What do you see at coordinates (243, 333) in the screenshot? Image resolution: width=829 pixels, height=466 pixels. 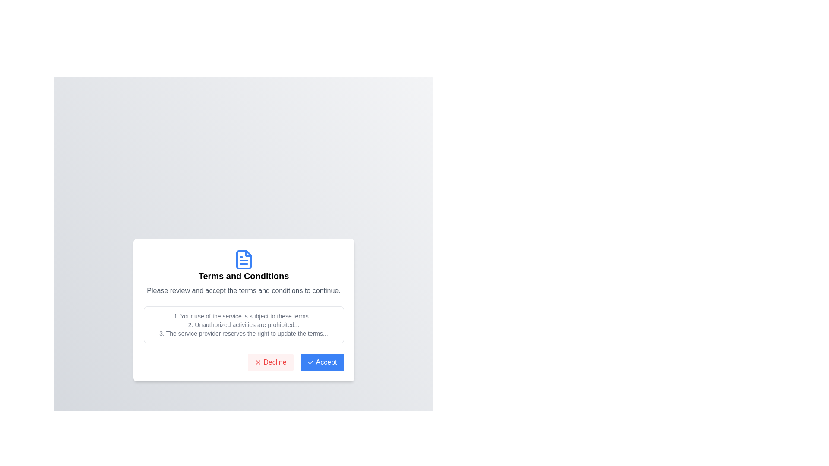 I see `the third text entry in the terms and conditions agreement located in a scrollable box within the modal dialog titled 'Terms and Conditions'` at bounding box center [243, 333].